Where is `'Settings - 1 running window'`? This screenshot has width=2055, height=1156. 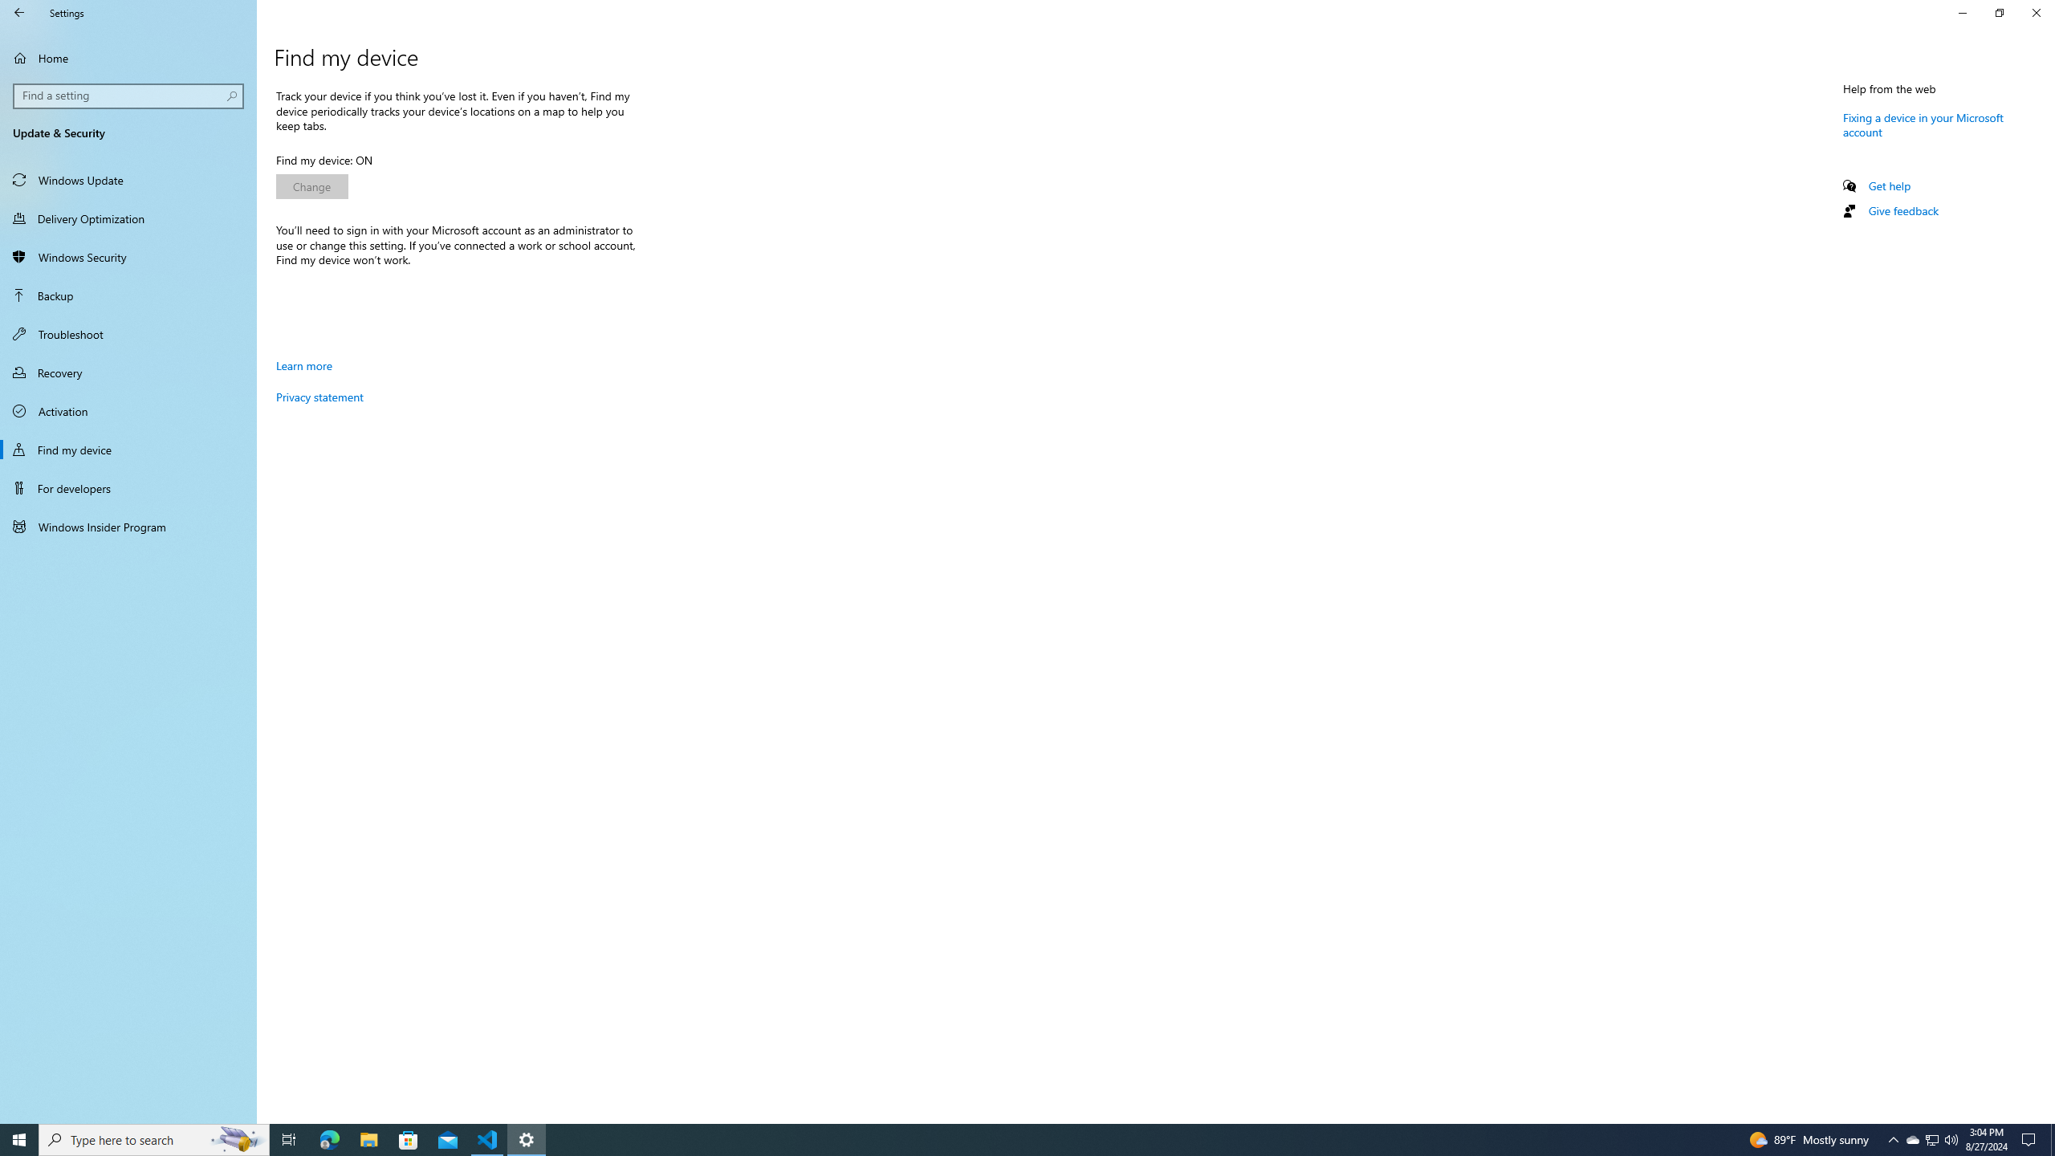 'Settings - 1 running window' is located at coordinates (527, 1138).